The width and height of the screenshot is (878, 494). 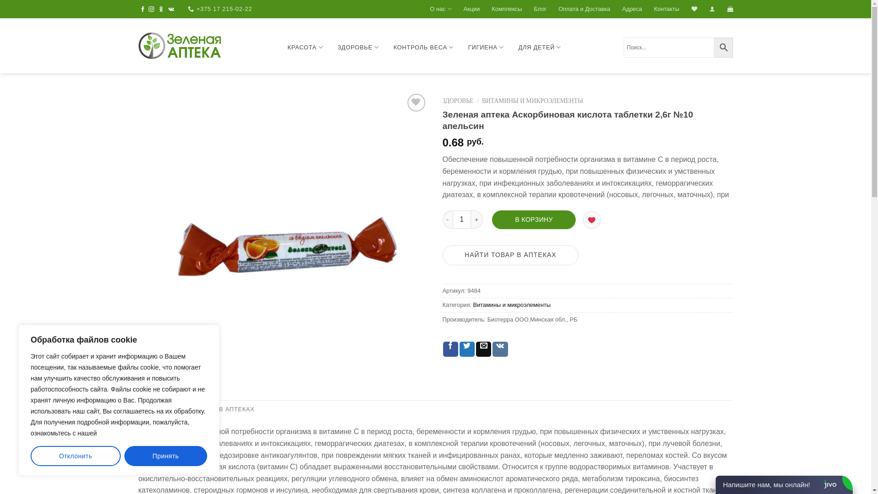 What do you see at coordinates (187, 9) in the screenshot?
I see `'+375 17 215-02-22'` at bounding box center [187, 9].